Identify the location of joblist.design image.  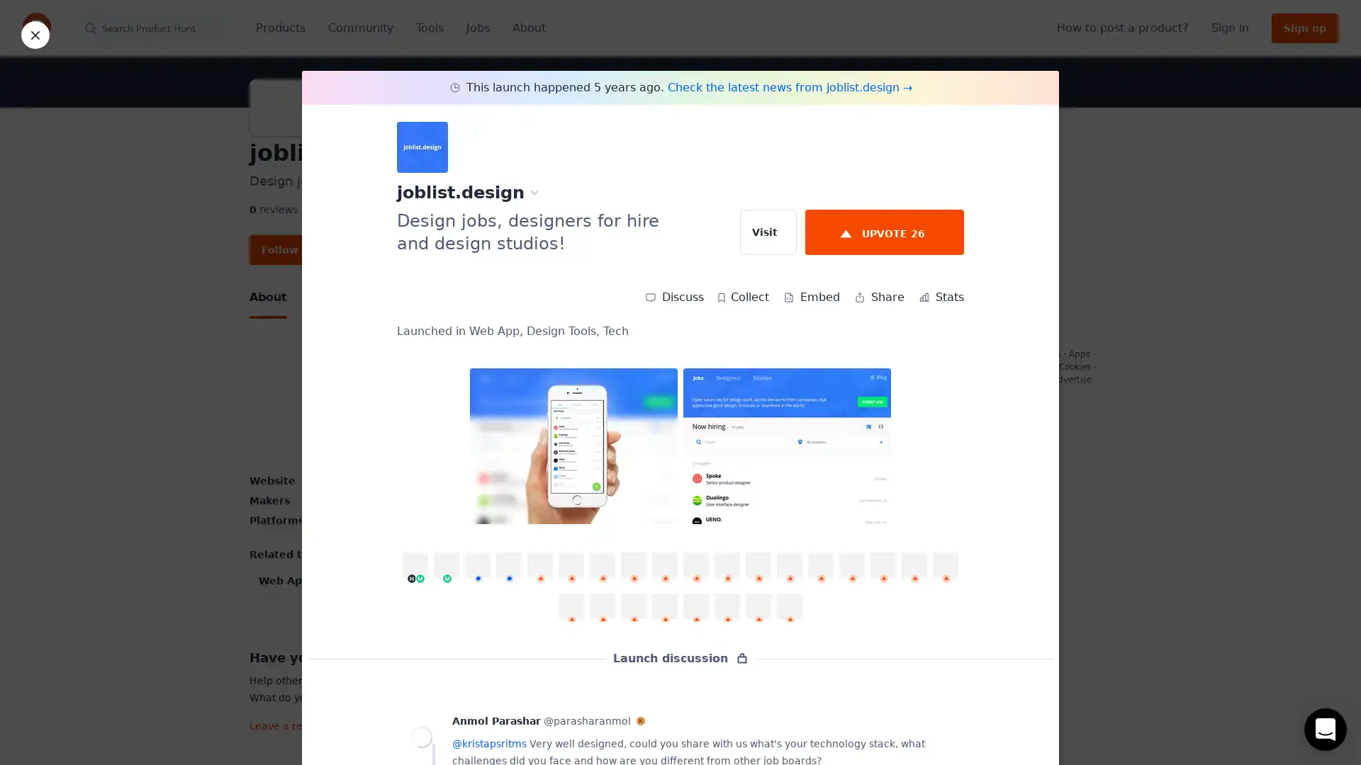
(435, 404).